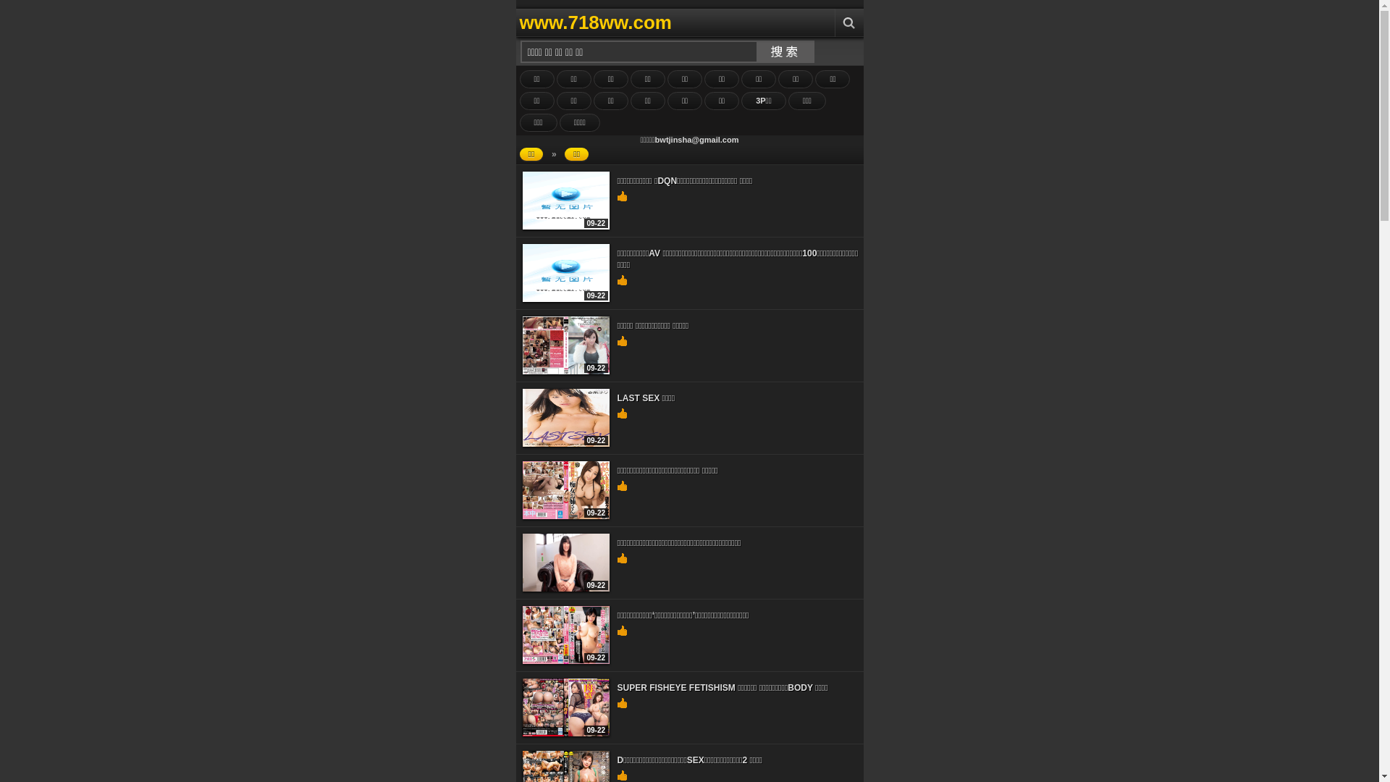 Image resolution: width=1390 pixels, height=782 pixels. Describe the element at coordinates (663, 22) in the screenshot. I see `'www.718ww.com'` at that location.